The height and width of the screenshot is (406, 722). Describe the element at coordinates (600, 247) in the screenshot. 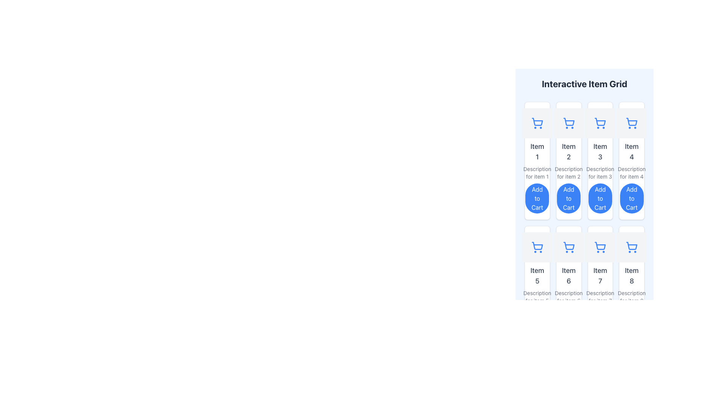

I see `the blue shopping cart icon inside the light gray rounded rectangle, located above the title and description of 'Item 7' in the product grid` at that location.